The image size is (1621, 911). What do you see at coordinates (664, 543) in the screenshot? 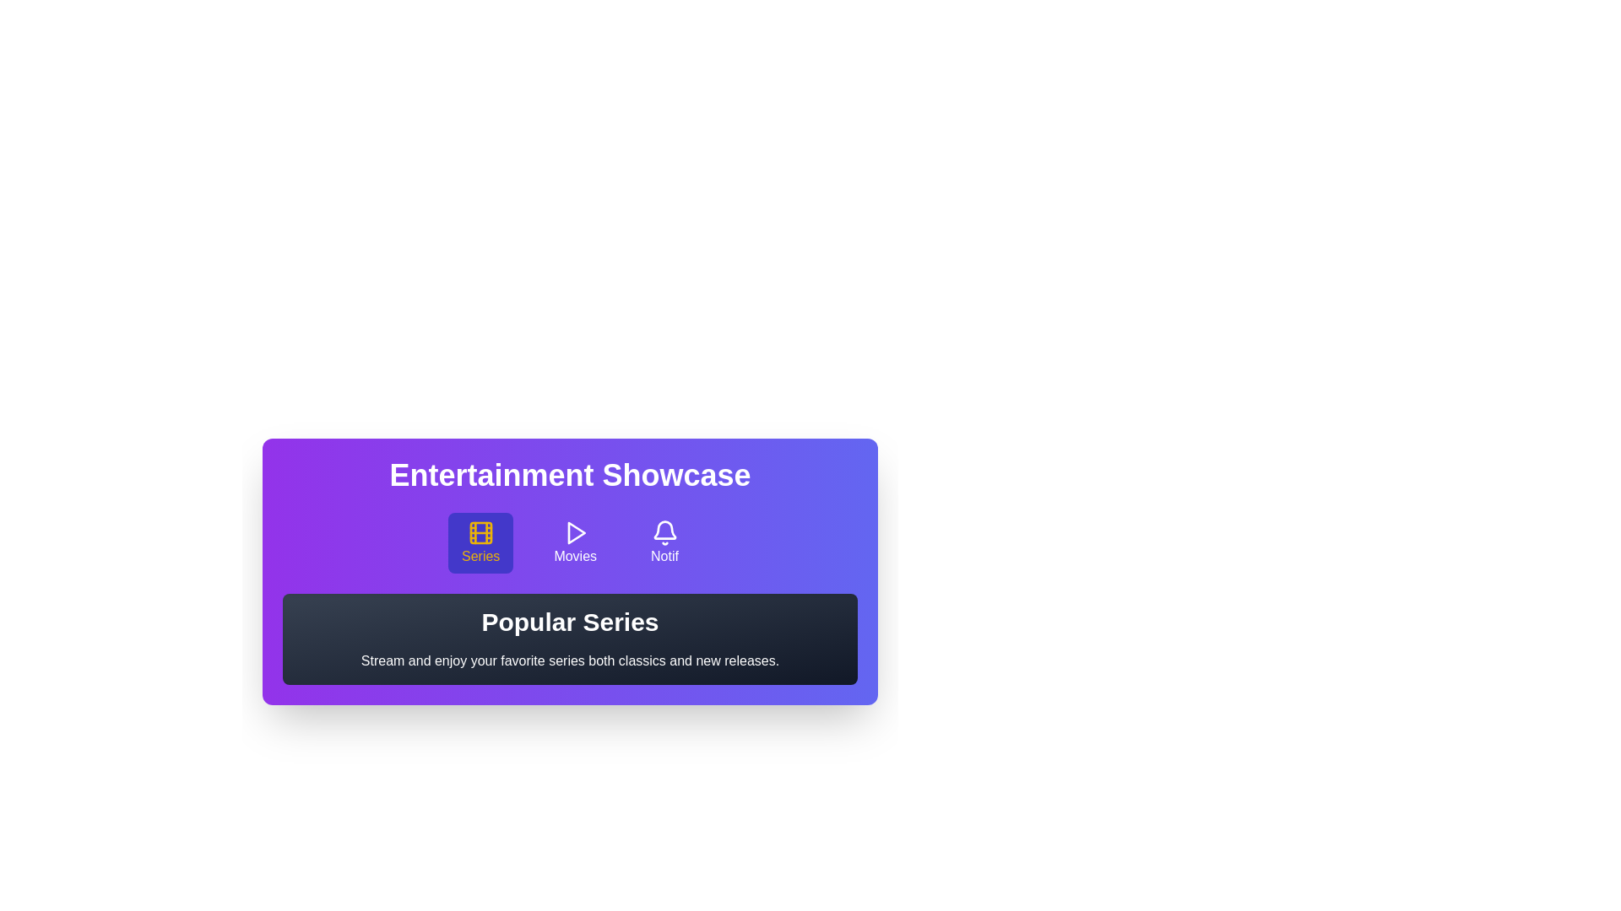
I see `the Icon button with text label located under the 'Entertainment Showcase' header to observe any hover effects` at bounding box center [664, 543].